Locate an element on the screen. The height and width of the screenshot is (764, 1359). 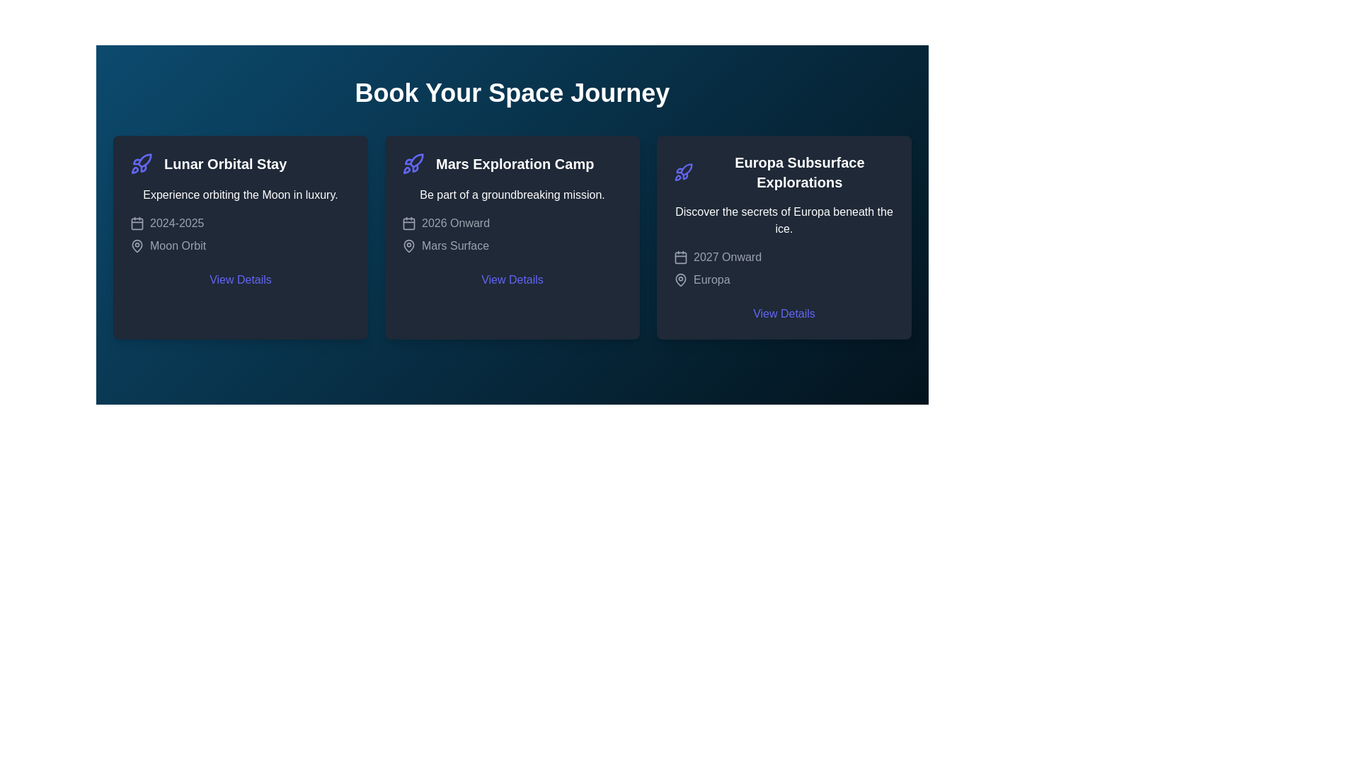
the static text element that reads 'Discover the secrets of Europa beneath the ice.' which is located beneath the bold title 'Europa Subsurface Explorations' within the third card of a horizontal layout is located at coordinates (784, 221).